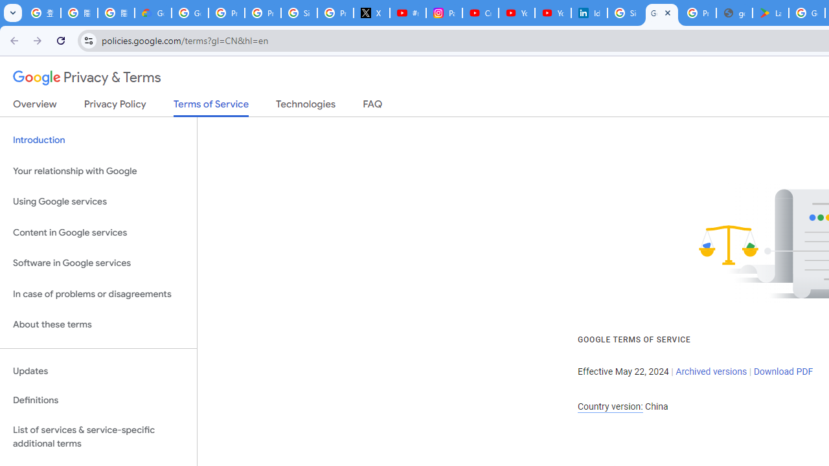 This screenshot has width=829, height=466. What do you see at coordinates (552, 13) in the screenshot?
I see `'YouTube Culture & Trends - YouTube Top 10, 2021'` at bounding box center [552, 13].